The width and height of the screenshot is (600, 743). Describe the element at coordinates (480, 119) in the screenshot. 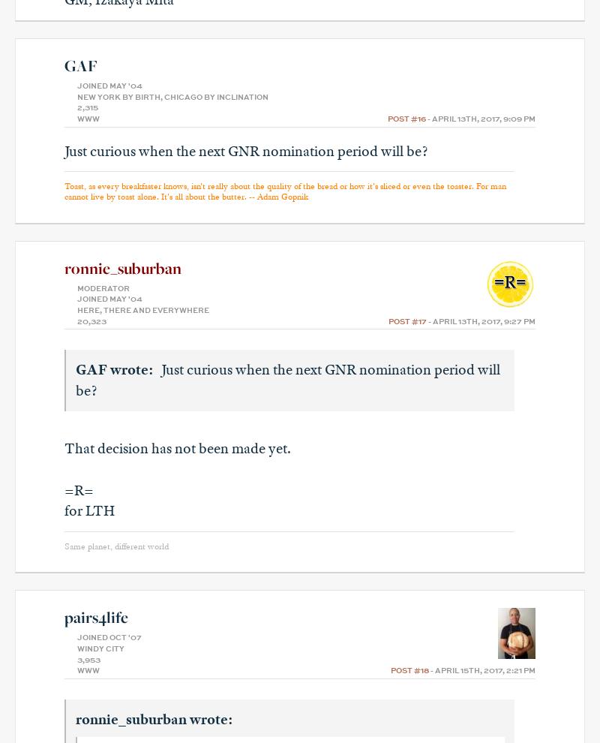

I see `'- April 13th, 2017, 9:09 pm'` at that location.